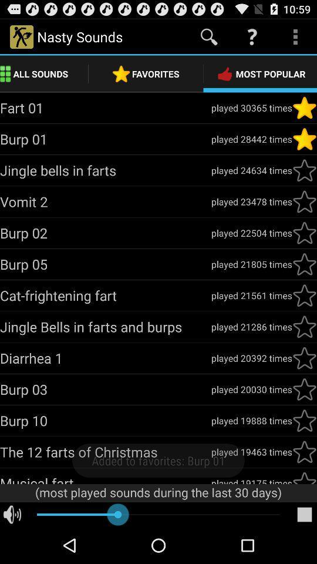 Image resolution: width=317 pixels, height=564 pixels. What do you see at coordinates (304, 264) in the screenshot?
I see `important to know` at bounding box center [304, 264].